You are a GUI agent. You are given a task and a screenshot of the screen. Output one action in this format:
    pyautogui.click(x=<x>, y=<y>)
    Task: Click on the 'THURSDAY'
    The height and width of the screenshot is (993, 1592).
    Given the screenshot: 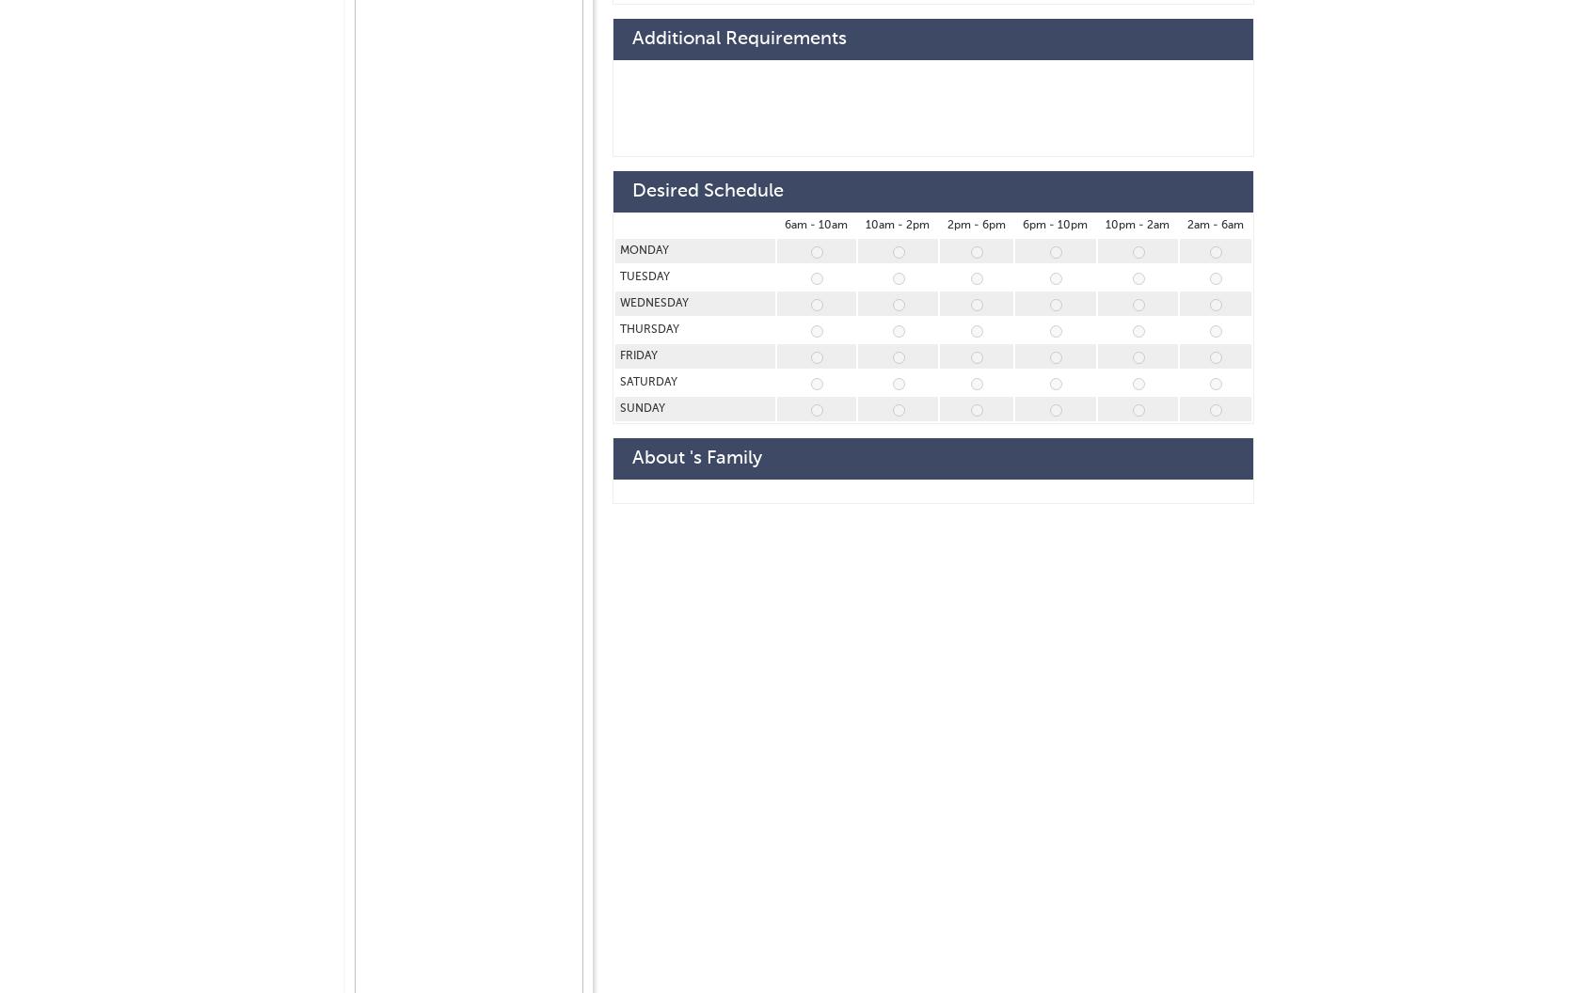 What is the action you would take?
    pyautogui.click(x=651, y=329)
    